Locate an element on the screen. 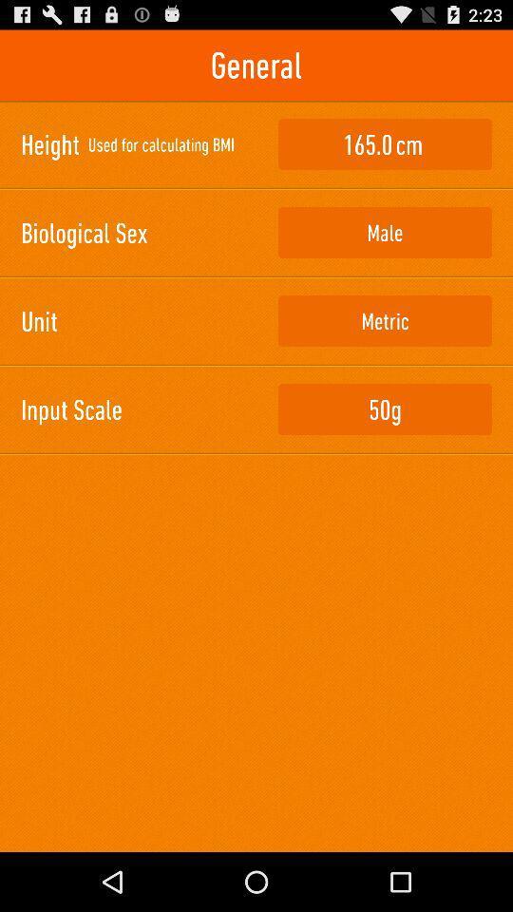 The width and height of the screenshot is (513, 912). input height is located at coordinates (385, 143).